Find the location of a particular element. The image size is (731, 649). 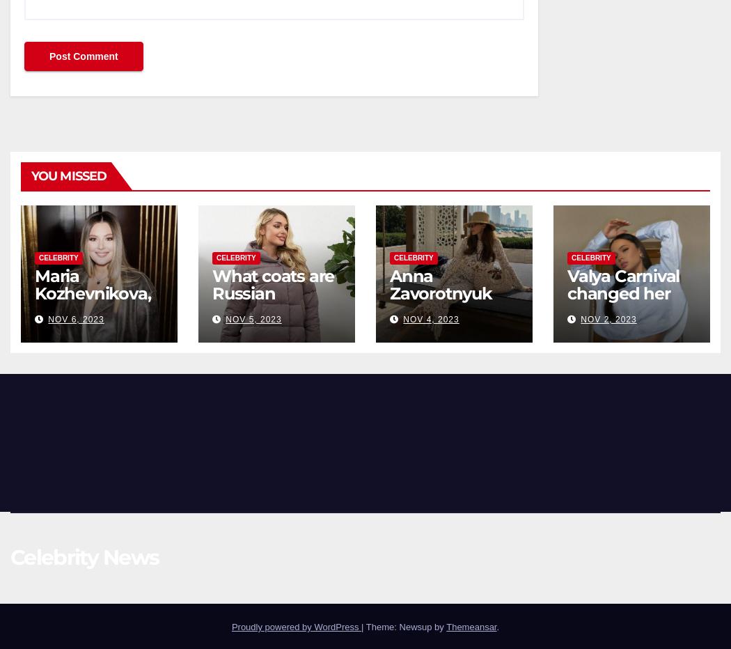

'Proudly powered by WordPress' is located at coordinates (295, 627).